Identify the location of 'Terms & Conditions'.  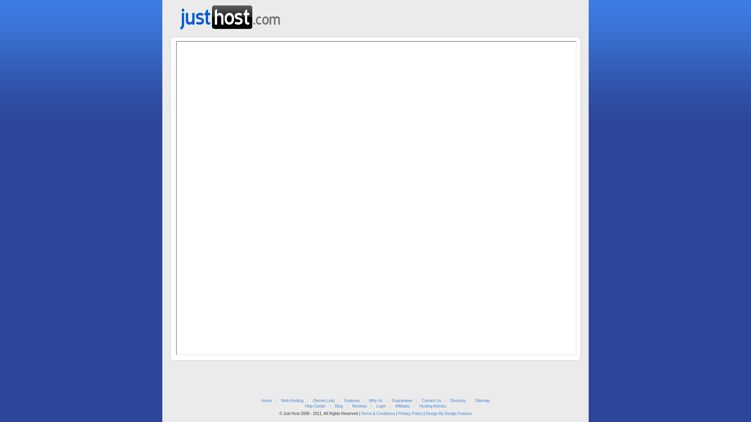
(378, 413).